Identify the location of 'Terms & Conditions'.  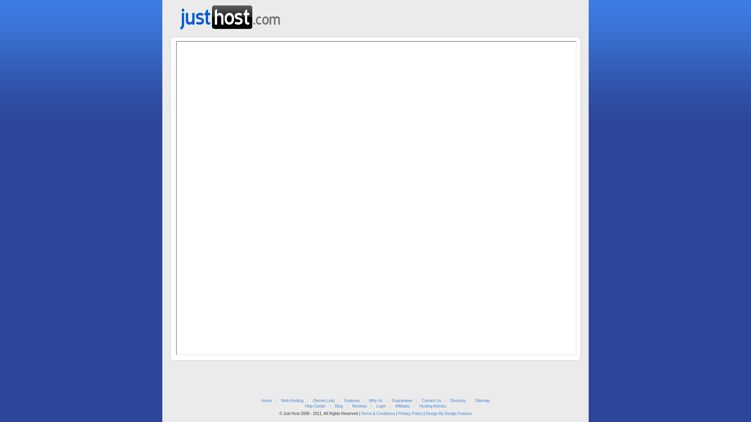
(378, 413).